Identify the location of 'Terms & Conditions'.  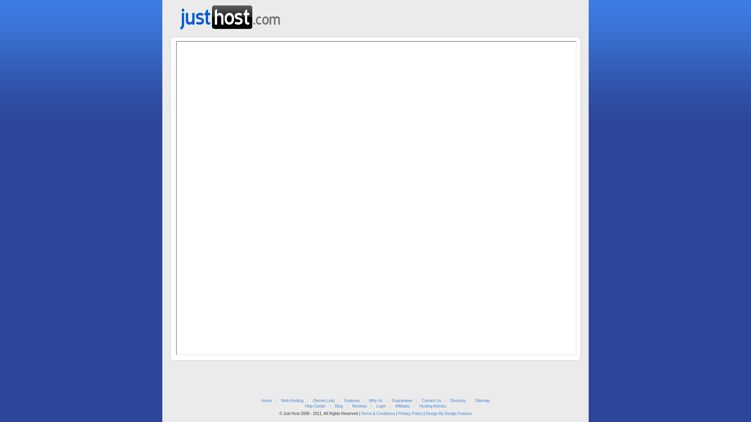
(378, 413).